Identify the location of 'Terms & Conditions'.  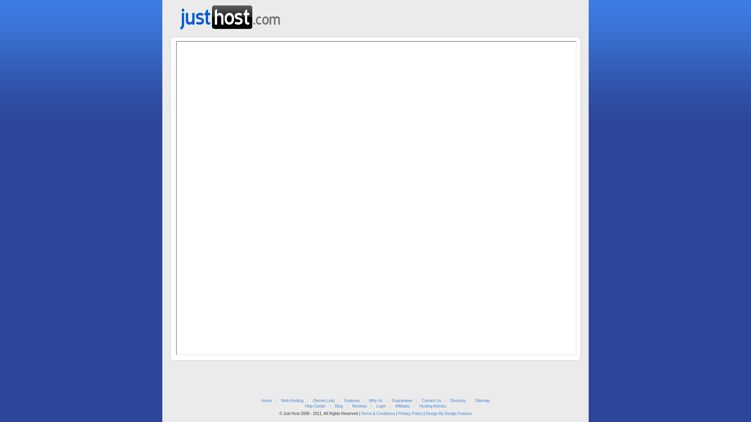
(378, 413).